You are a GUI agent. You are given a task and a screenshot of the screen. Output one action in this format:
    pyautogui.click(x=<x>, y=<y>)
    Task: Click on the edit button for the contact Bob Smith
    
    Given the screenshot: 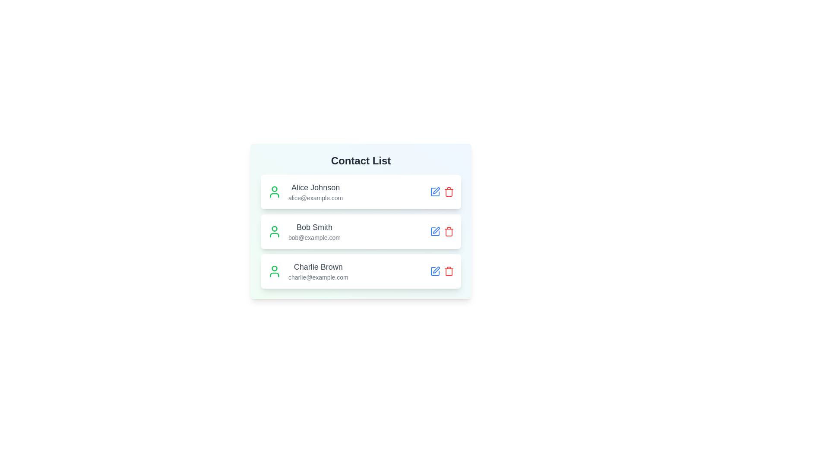 What is the action you would take?
    pyautogui.click(x=435, y=231)
    